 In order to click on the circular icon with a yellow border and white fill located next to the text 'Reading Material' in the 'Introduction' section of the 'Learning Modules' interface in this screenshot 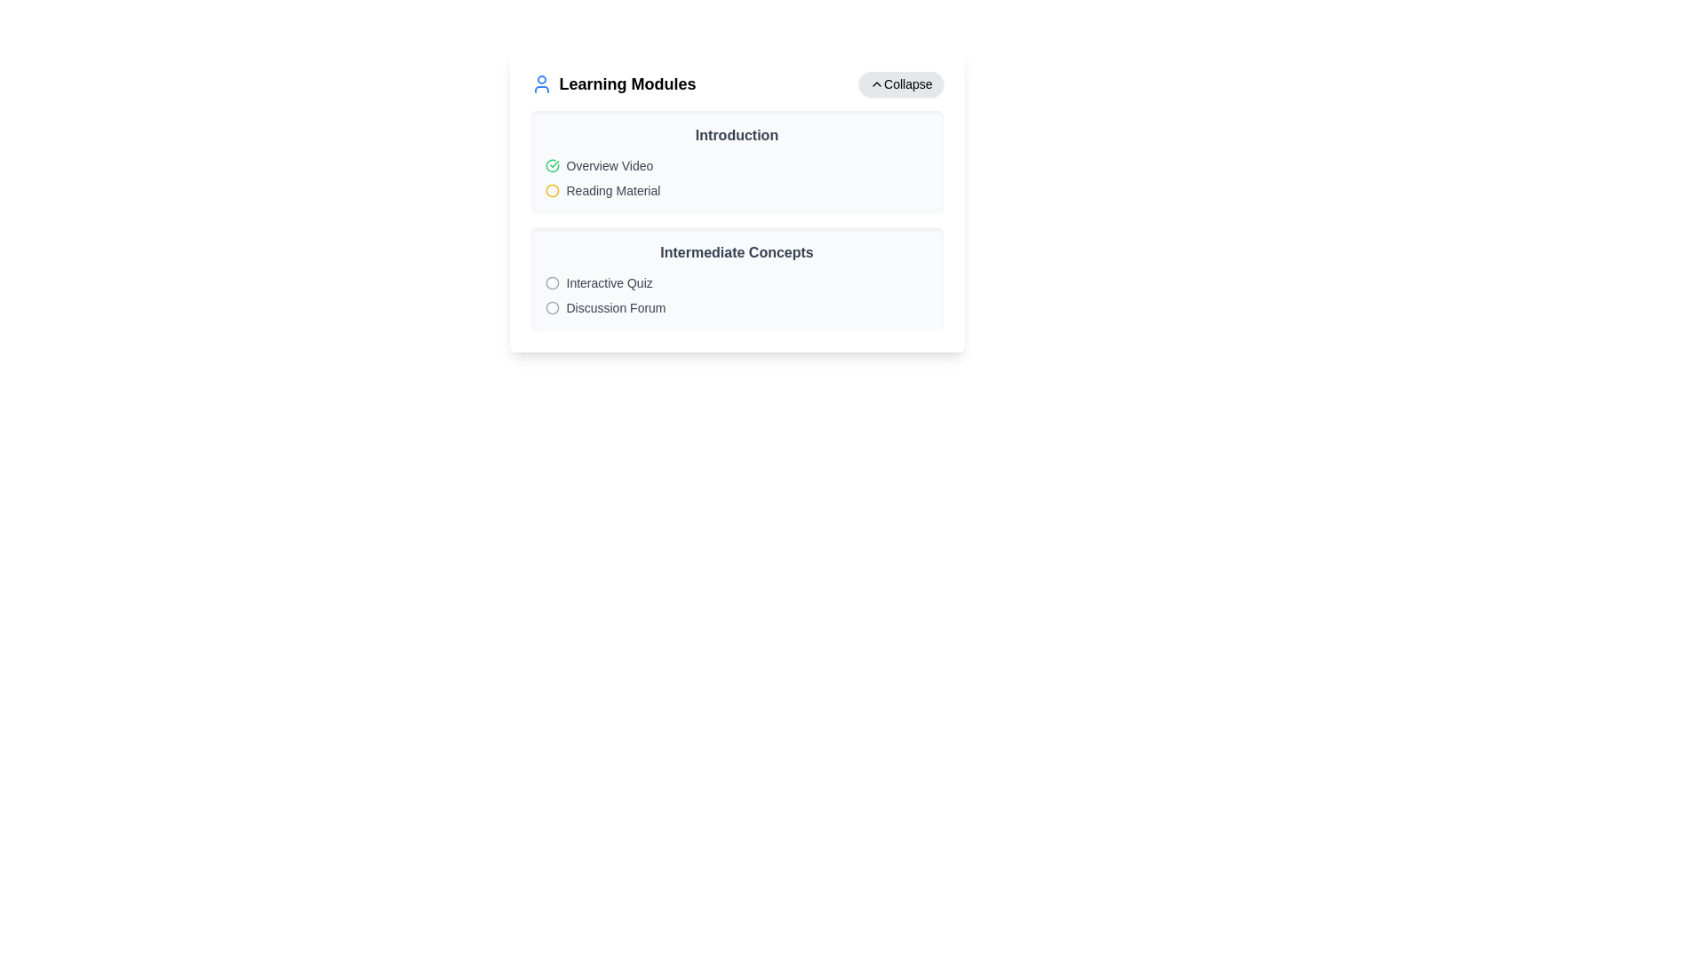, I will do `click(551, 191)`.